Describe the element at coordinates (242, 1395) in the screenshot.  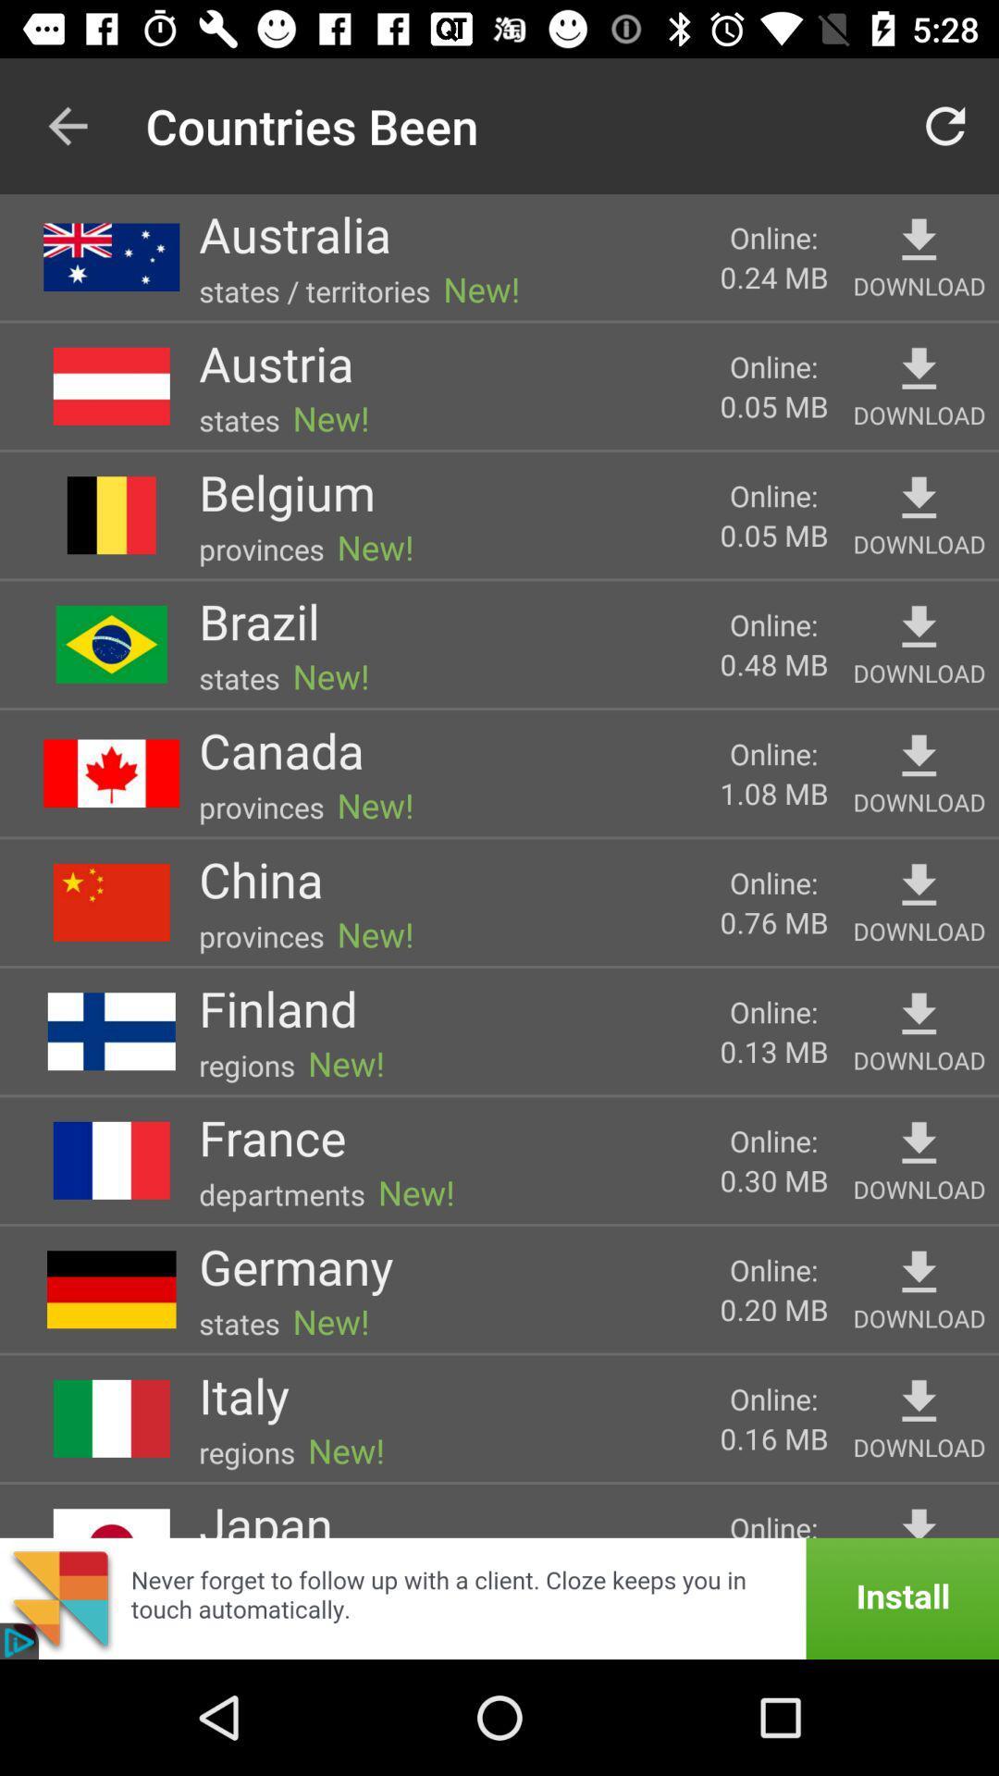
I see `the icon above the regions item` at that location.